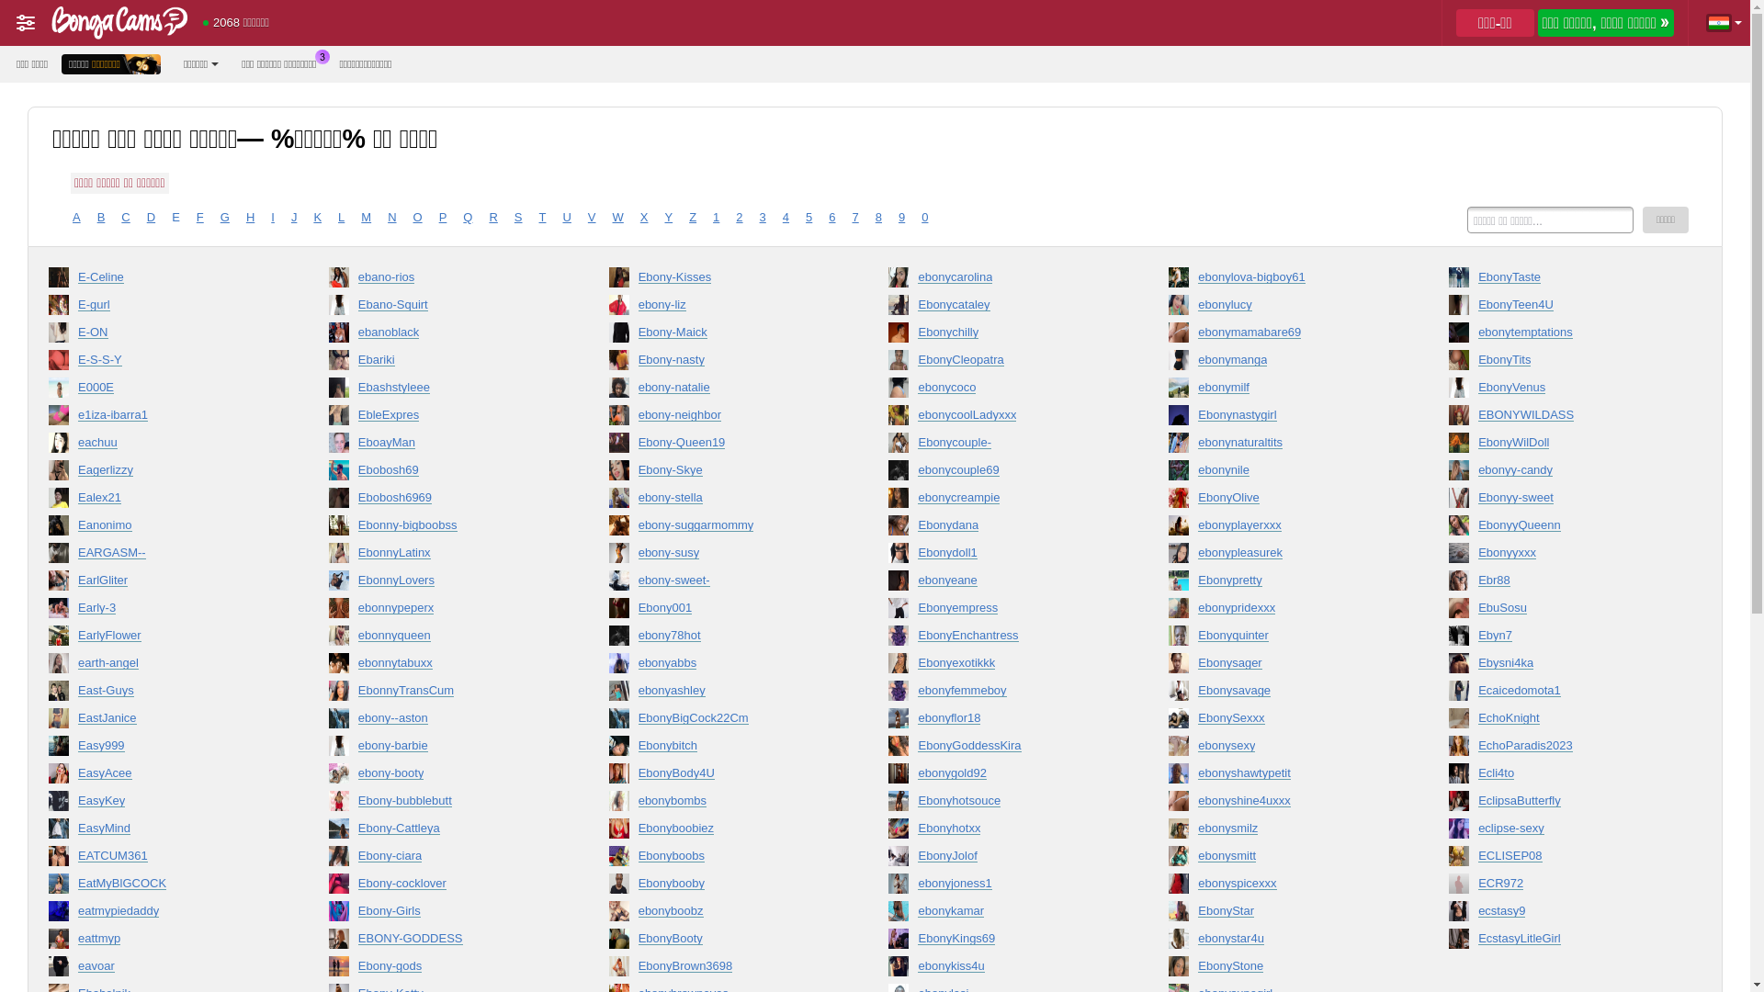  Describe the element at coordinates (1561, 389) in the screenshot. I see `'EbonyVenus'` at that location.